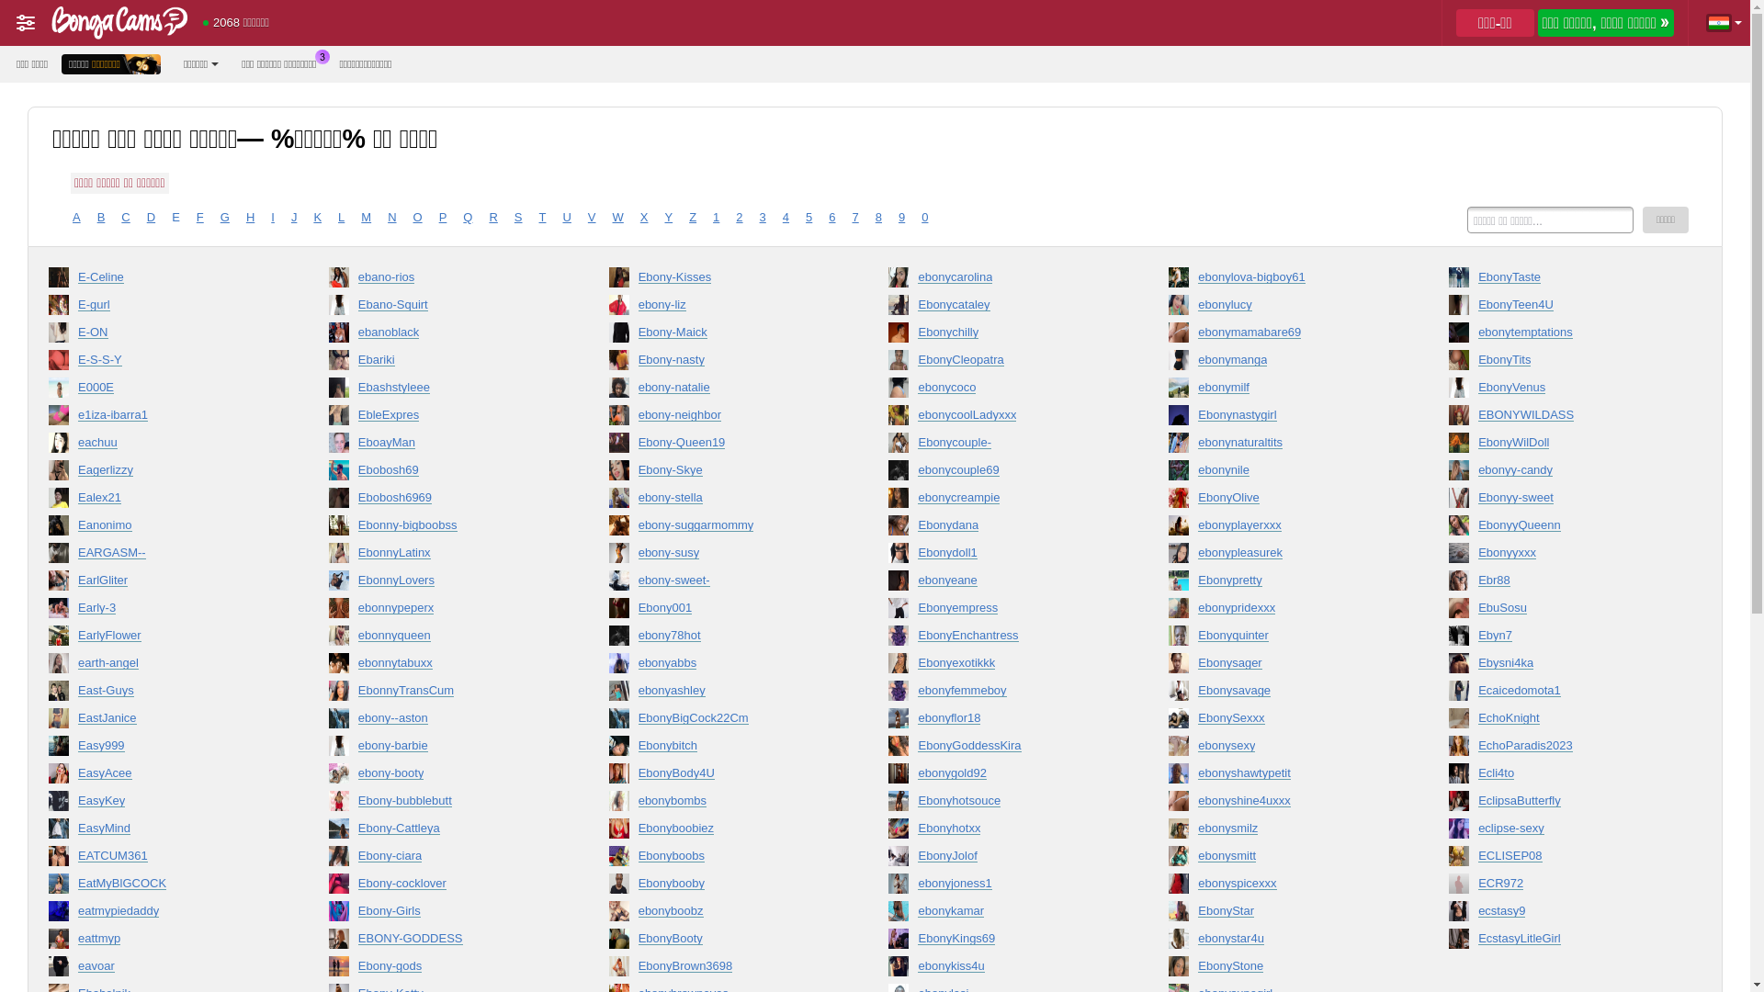  Describe the element at coordinates (1561, 389) in the screenshot. I see `'EbonyVenus'` at that location.